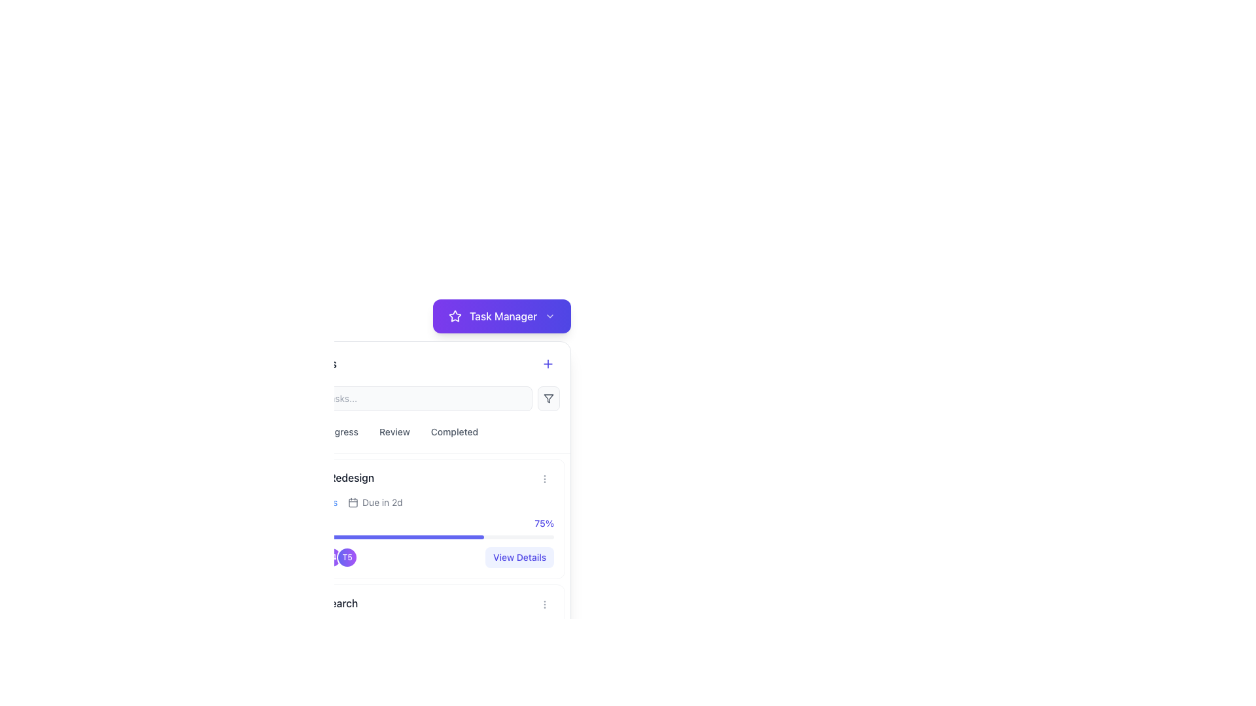  What do you see at coordinates (455, 316) in the screenshot?
I see `the decorative star icon located inside the 'Task Manager' button, positioned to the left of the text label` at bounding box center [455, 316].